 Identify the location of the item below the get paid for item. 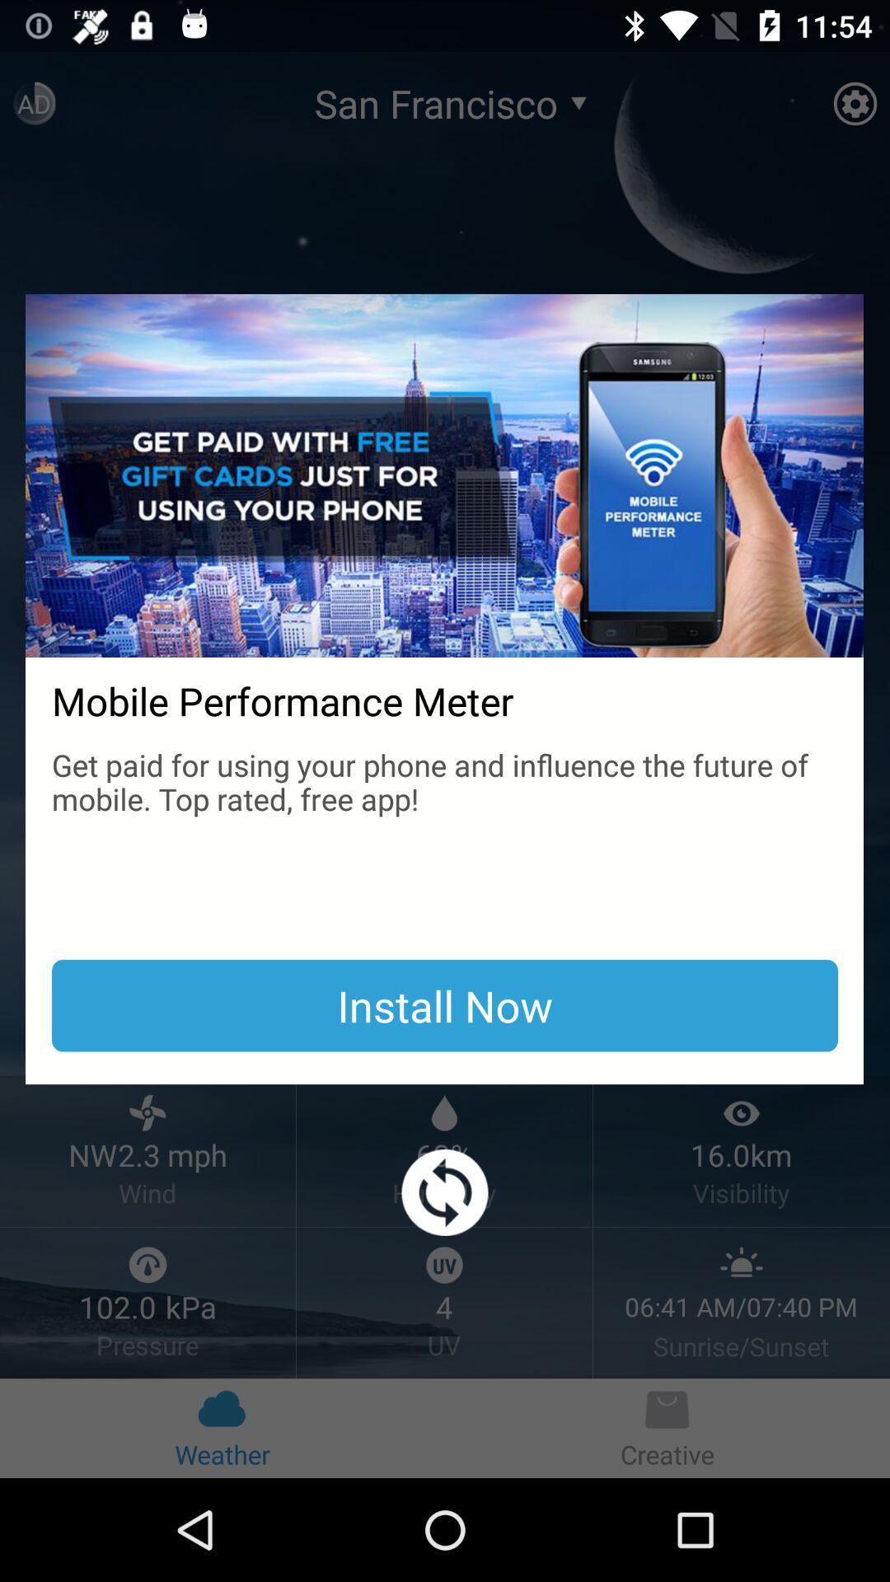
(445, 1004).